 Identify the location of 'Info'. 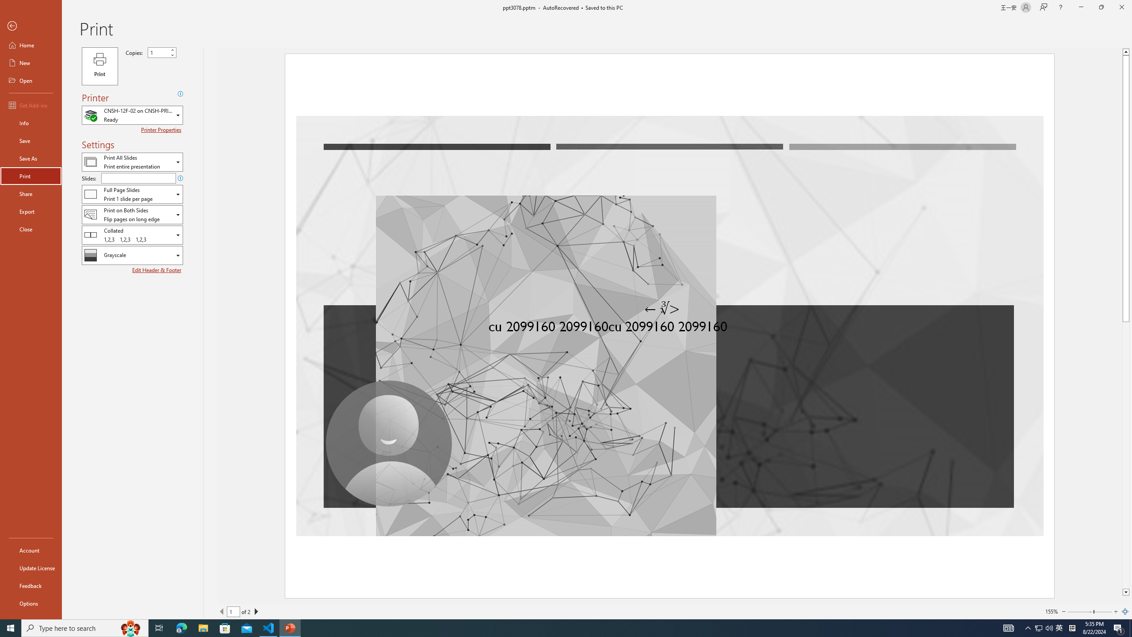
(31, 122).